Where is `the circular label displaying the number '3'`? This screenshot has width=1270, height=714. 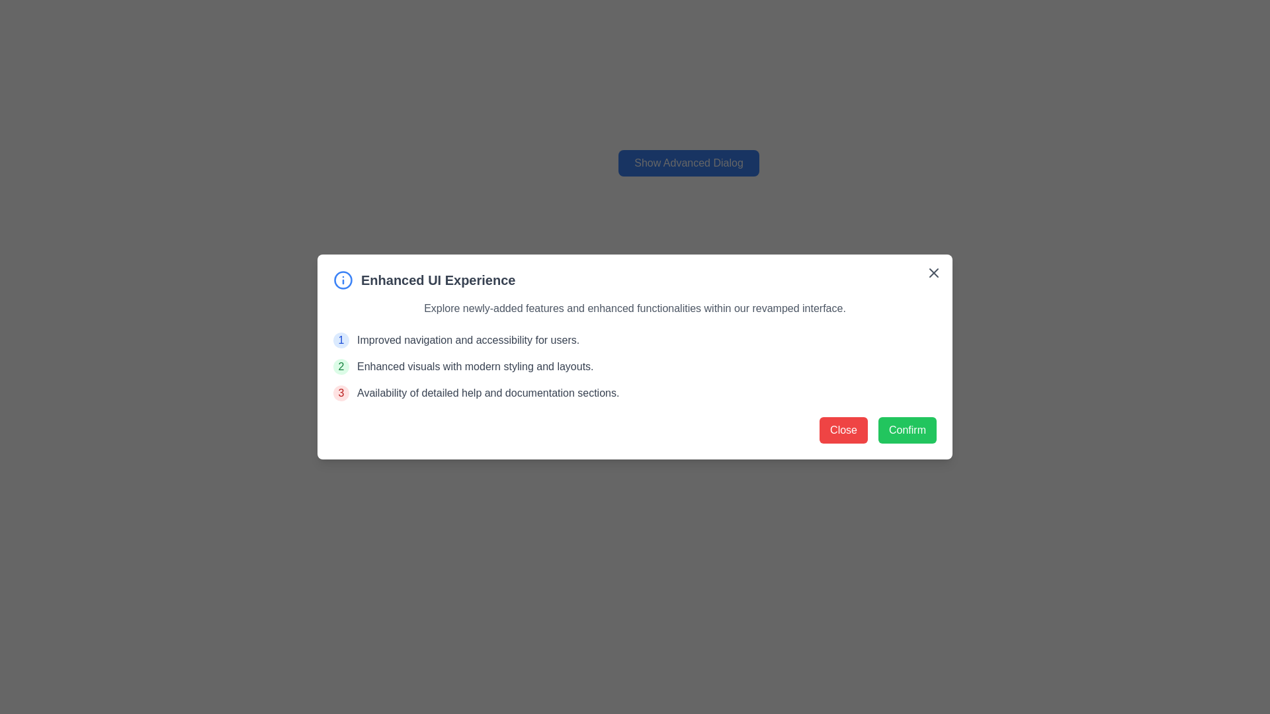
the circular label displaying the number '3' is located at coordinates (341, 392).